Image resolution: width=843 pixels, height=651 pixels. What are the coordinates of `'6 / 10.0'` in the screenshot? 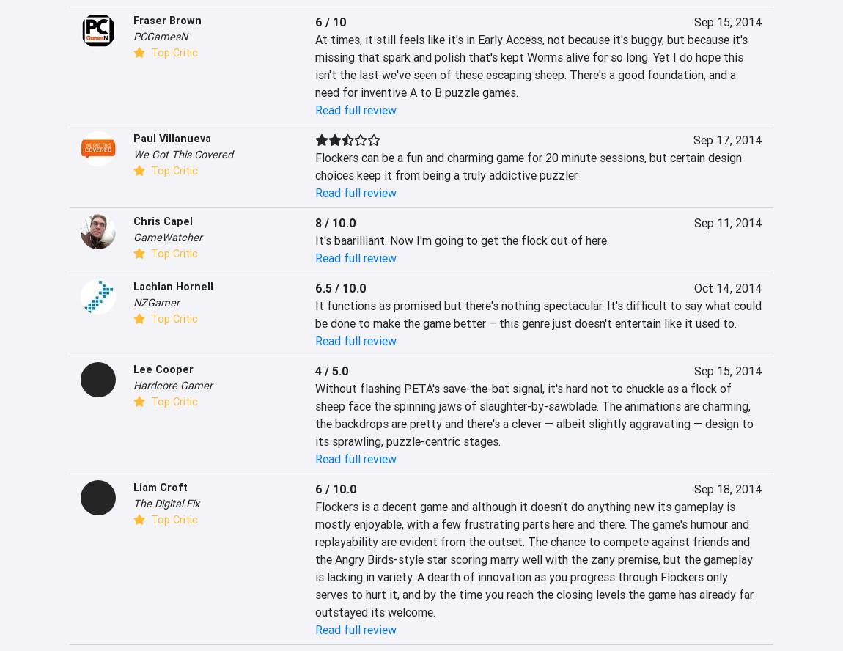 It's located at (335, 488).